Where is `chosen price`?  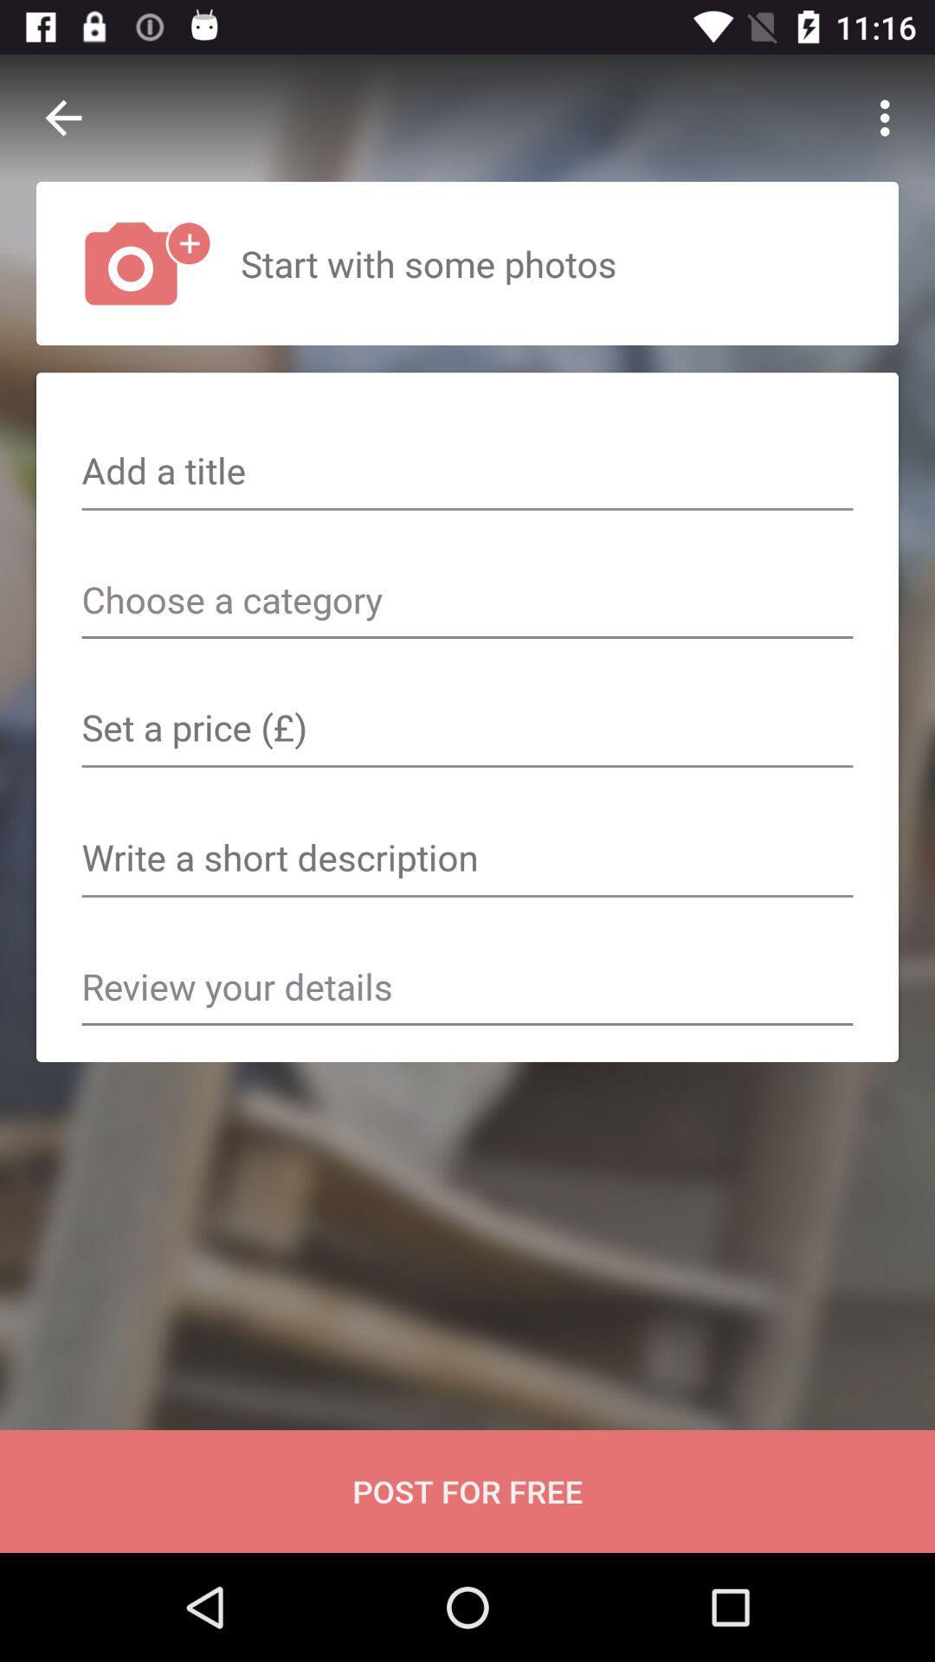 chosen price is located at coordinates (467, 730).